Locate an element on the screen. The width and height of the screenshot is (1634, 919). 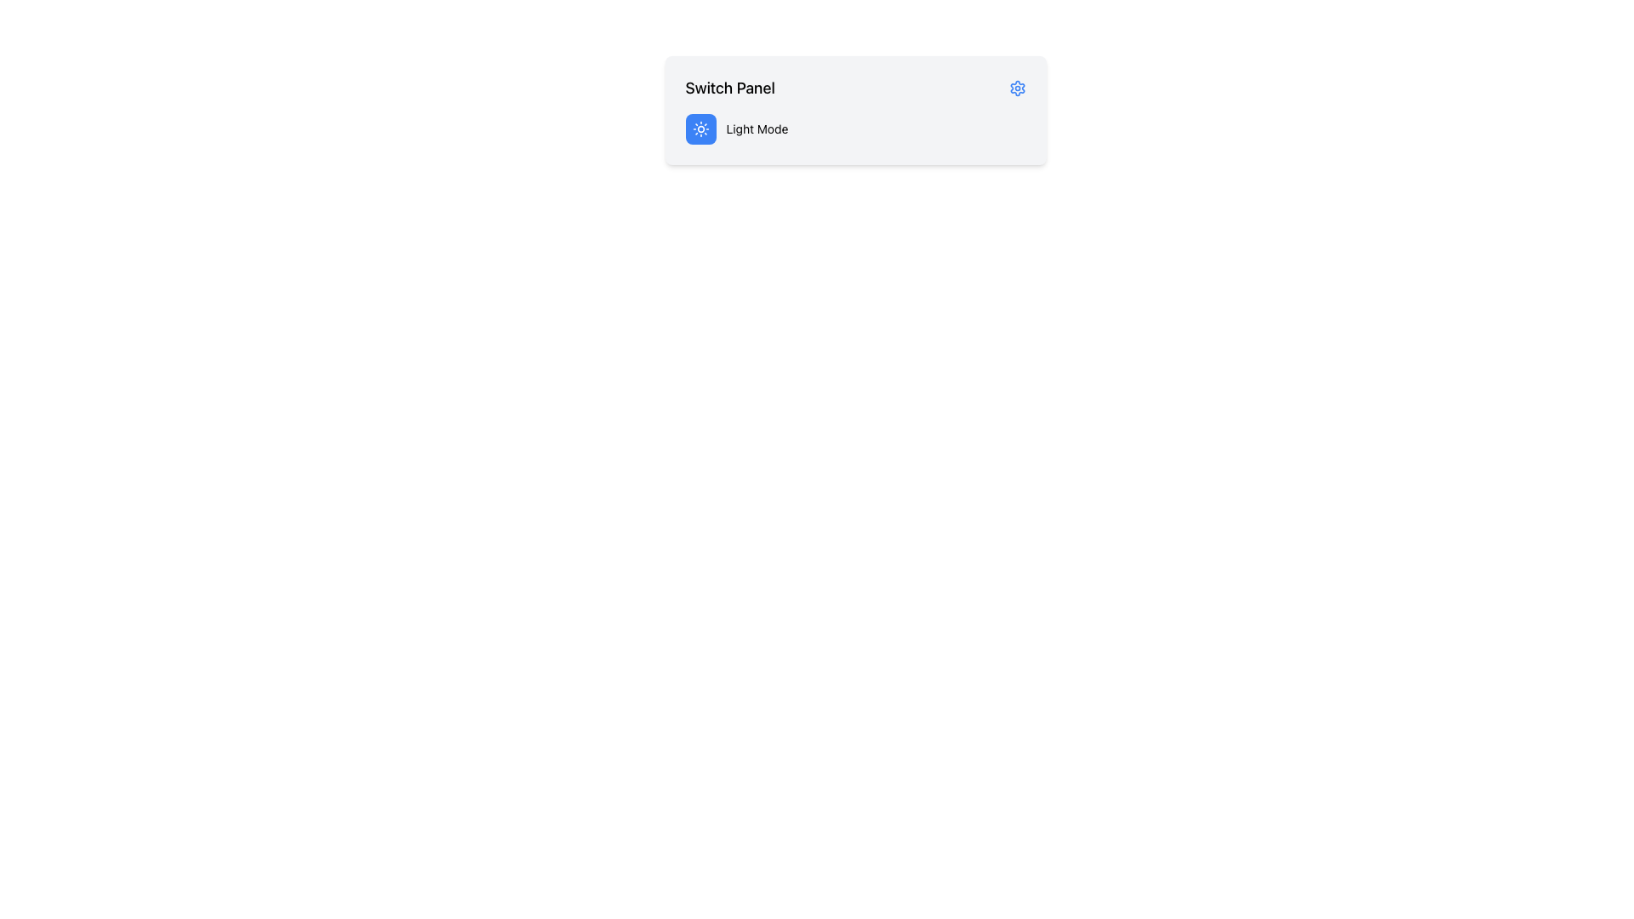
the settings icon button located in the top-right corner of the 'Switch Panel' is located at coordinates (1017, 88).